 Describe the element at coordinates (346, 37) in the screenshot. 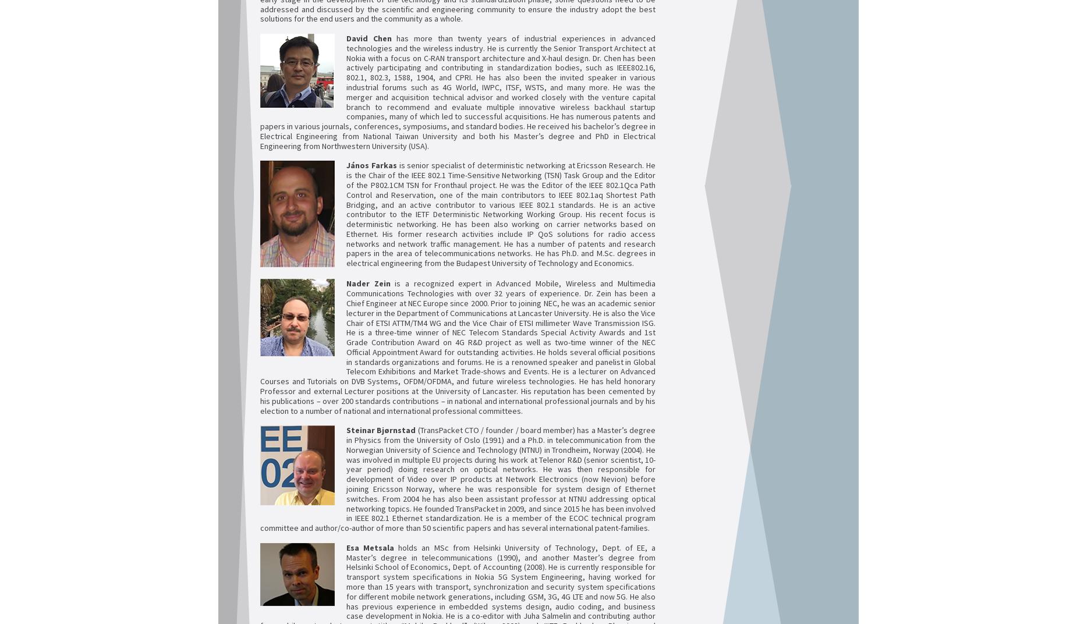

I see `'David Chen'` at that location.